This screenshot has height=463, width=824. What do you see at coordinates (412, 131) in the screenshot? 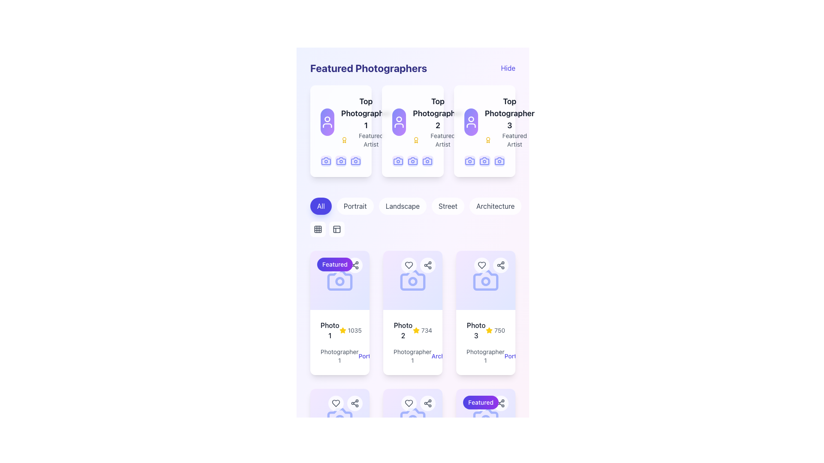
I see `the avatar on the second Profile Card in the 'Featured Photographers' section` at bounding box center [412, 131].